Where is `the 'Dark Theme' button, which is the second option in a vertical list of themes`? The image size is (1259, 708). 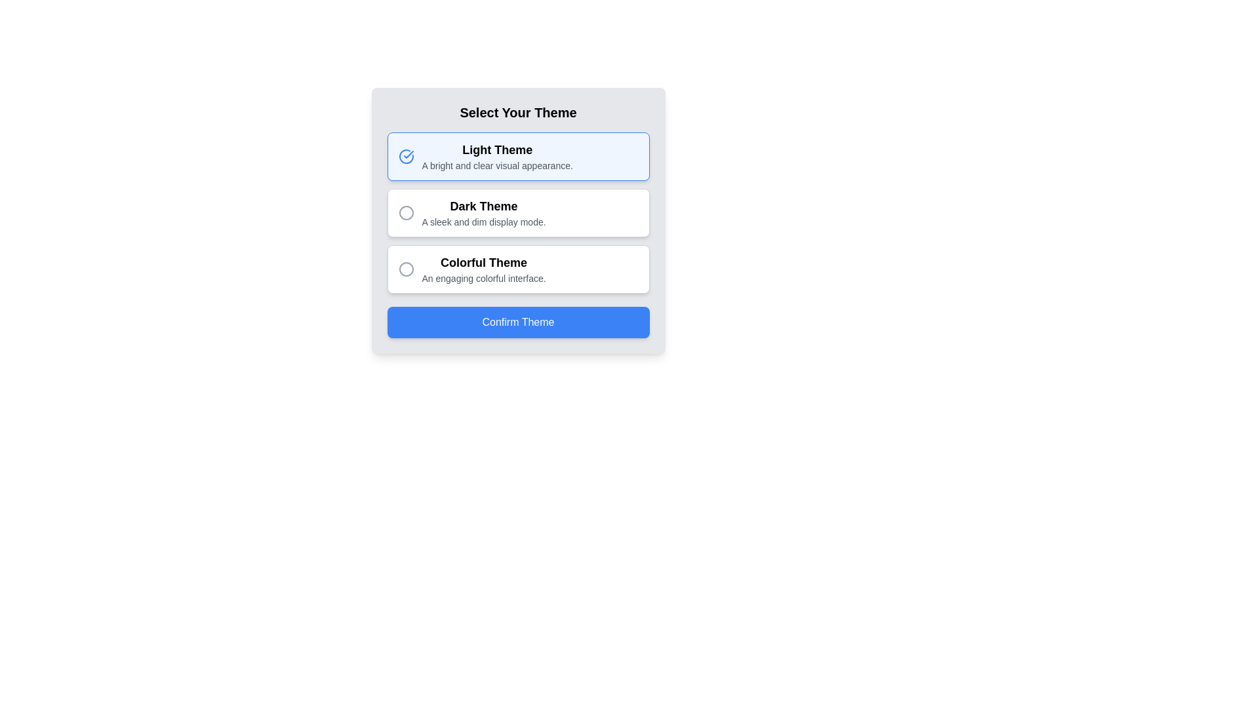
the 'Dark Theme' button, which is the second option in a vertical list of themes is located at coordinates (517, 212).